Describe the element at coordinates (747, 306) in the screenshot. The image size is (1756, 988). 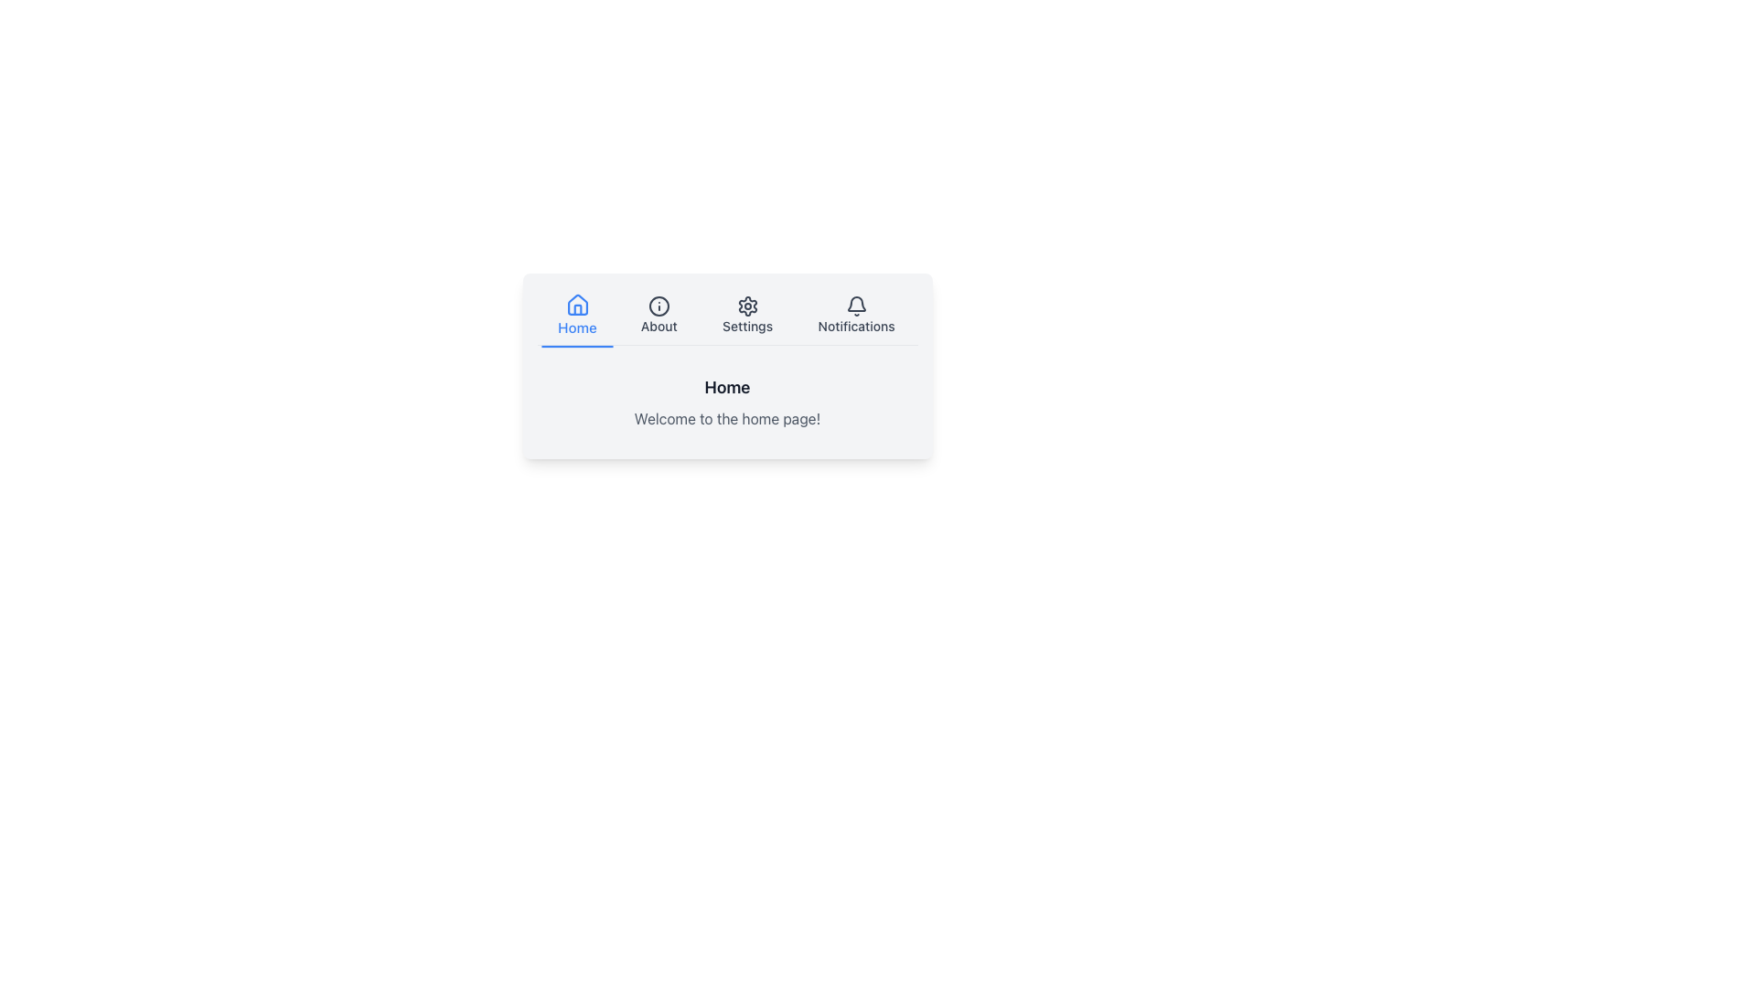
I see `the stylized gear icon that represents the settings button, located centrally among the four icons in the top section of the card interface` at that location.